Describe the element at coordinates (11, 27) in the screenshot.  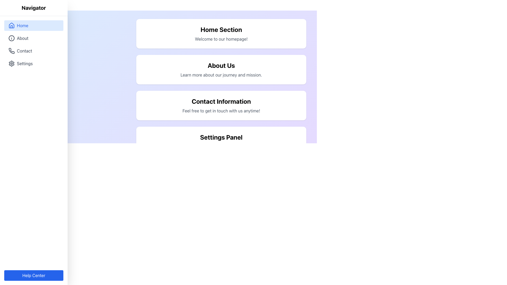
I see `the door element of the house icon in the navigation menu section, which is represented as a small vertical rectangle on a light blue background adjacent to the 'Home' text` at that location.